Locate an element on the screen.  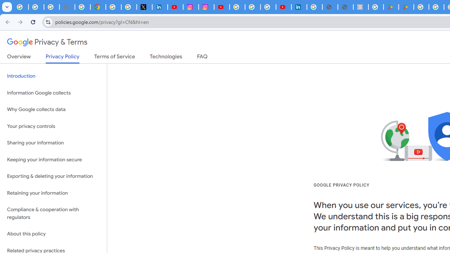
'Sign in - Google Accounts' is located at coordinates (314, 7).